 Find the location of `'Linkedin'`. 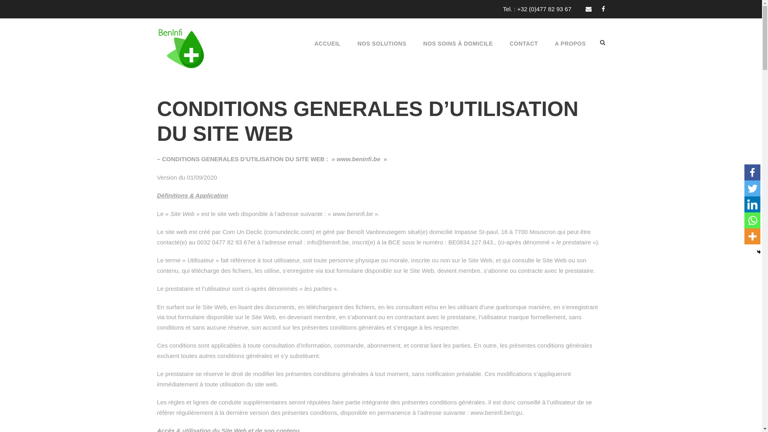

'Linkedin' is located at coordinates (744, 204).